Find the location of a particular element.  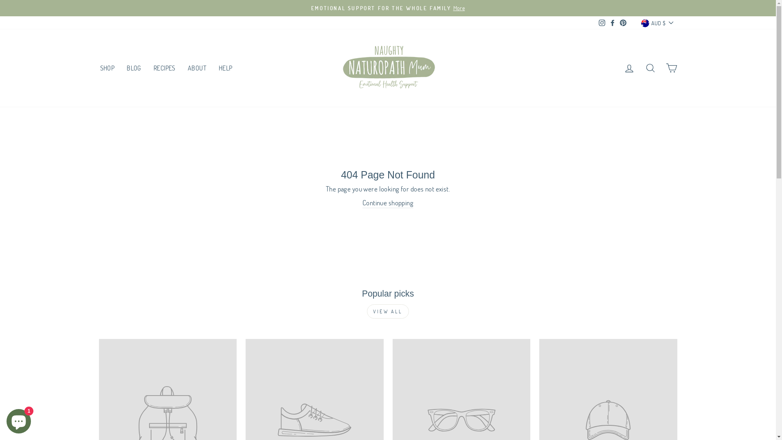

'SHOP' is located at coordinates (107, 67).